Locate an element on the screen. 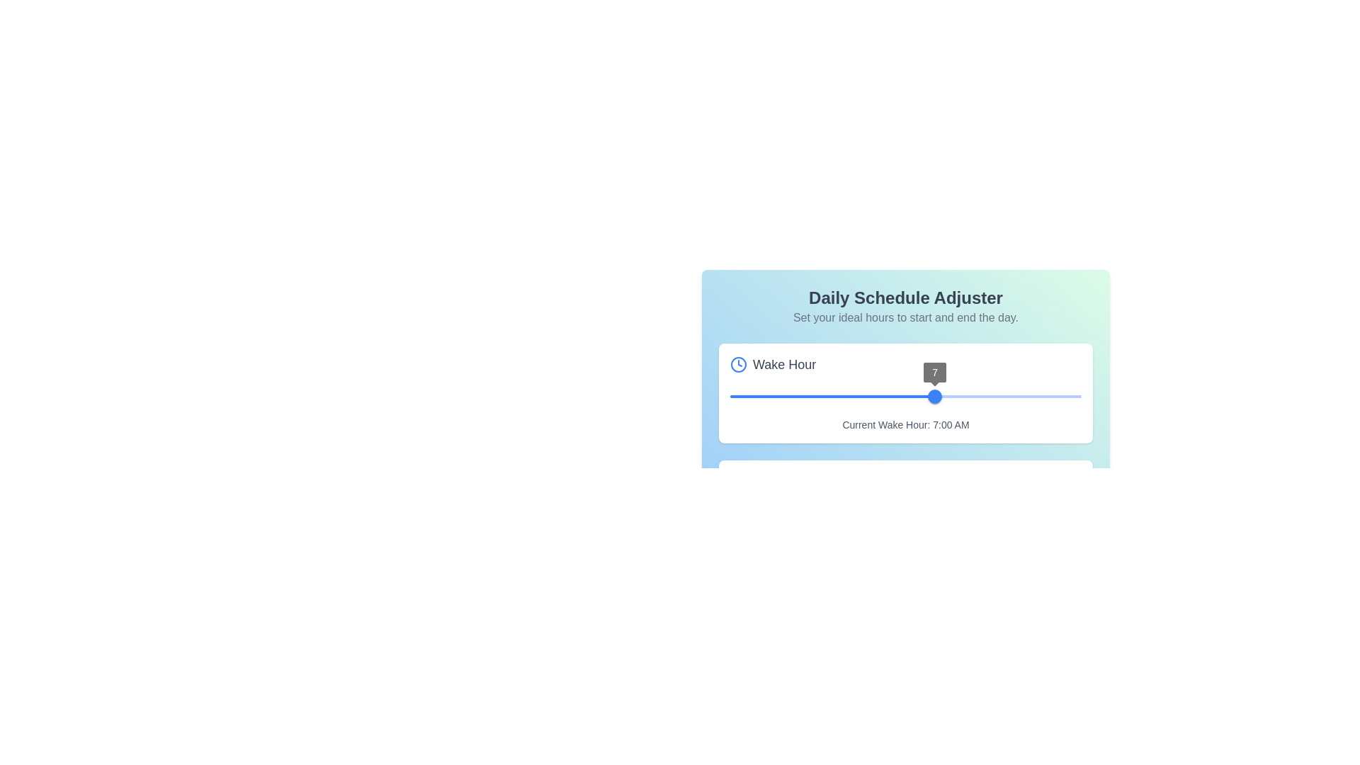 This screenshot has height=765, width=1360. the wake hour is located at coordinates (913, 396).